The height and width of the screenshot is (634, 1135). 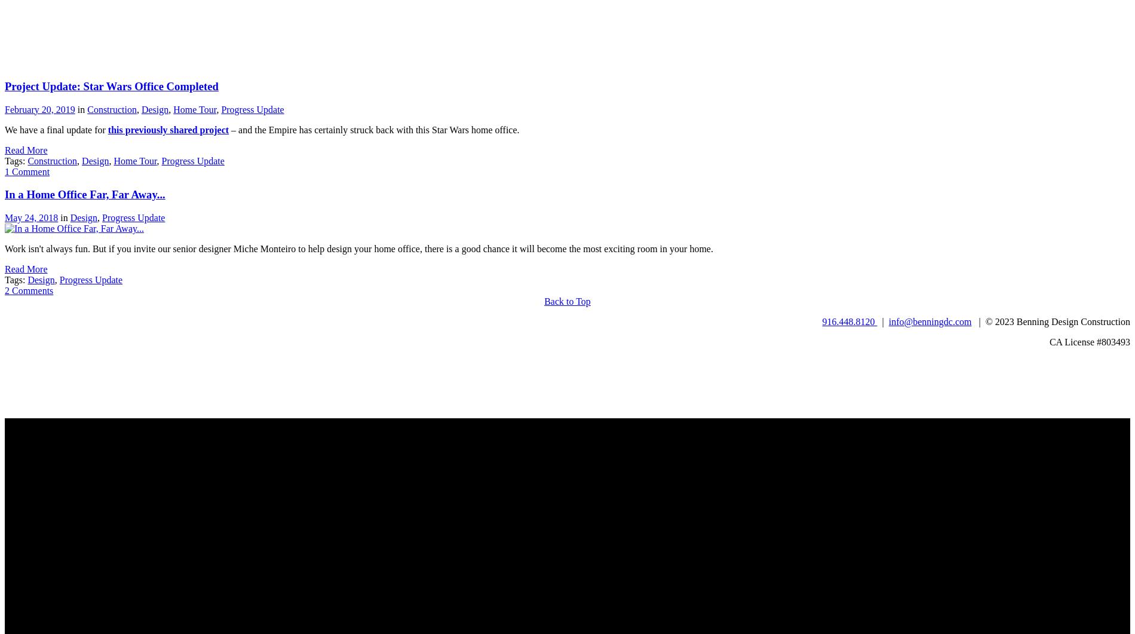 I want to click on '1 Comment', so click(x=27, y=170).